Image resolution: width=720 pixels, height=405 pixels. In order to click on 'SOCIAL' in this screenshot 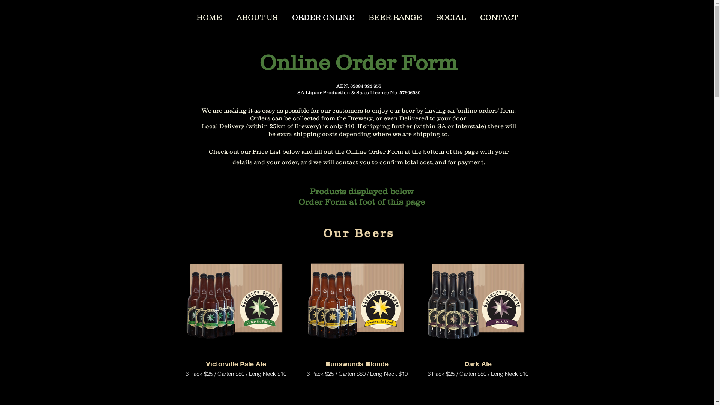, I will do `click(429, 16)`.